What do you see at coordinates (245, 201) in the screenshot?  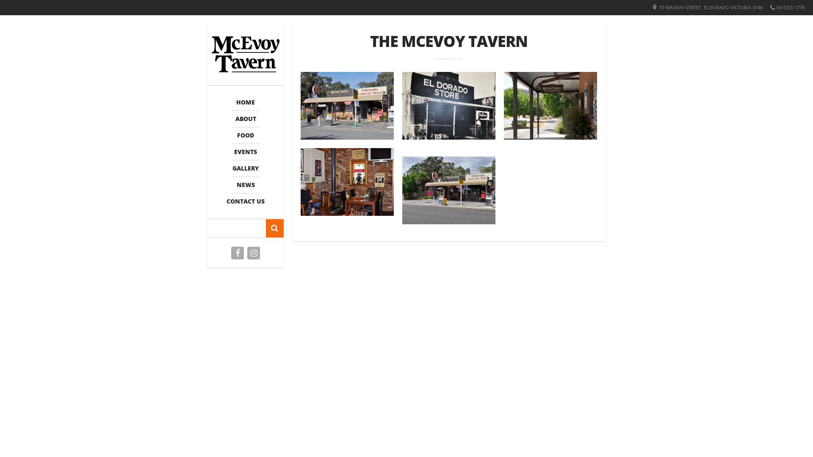 I see `'CONTACT US'` at bounding box center [245, 201].